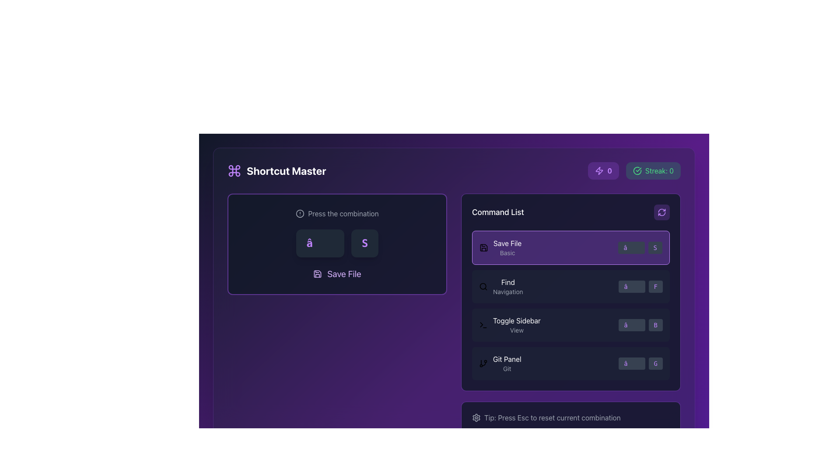 This screenshot has height=472, width=840. What do you see at coordinates (476, 417) in the screenshot?
I see `the settings icon located at the bottom-right corner of the interface, next to the 'Tip: Press Esc to reset current combination' text` at bounding box center [476, 417].